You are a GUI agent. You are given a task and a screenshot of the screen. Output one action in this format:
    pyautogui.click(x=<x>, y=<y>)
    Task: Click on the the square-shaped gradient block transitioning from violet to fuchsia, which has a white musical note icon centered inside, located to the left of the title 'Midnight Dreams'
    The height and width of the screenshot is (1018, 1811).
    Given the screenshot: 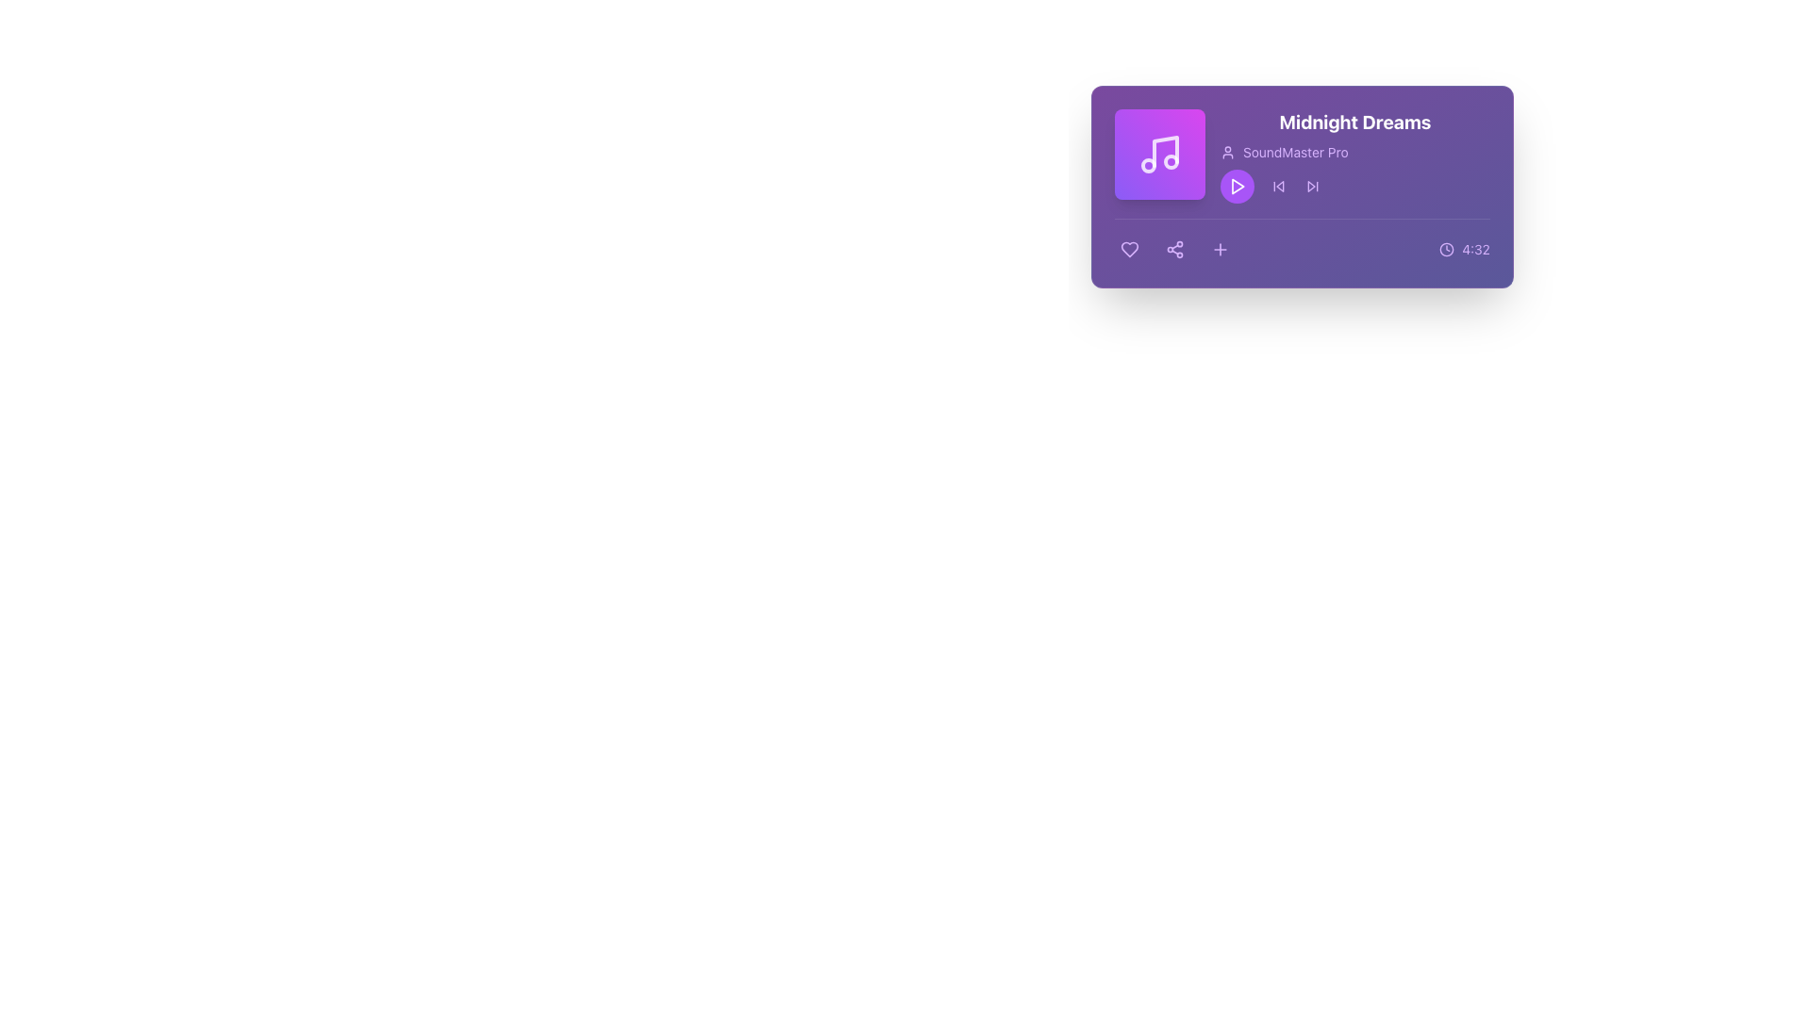 What is the action you would take?
    pyautogui.click(x=1158, y=154)
    